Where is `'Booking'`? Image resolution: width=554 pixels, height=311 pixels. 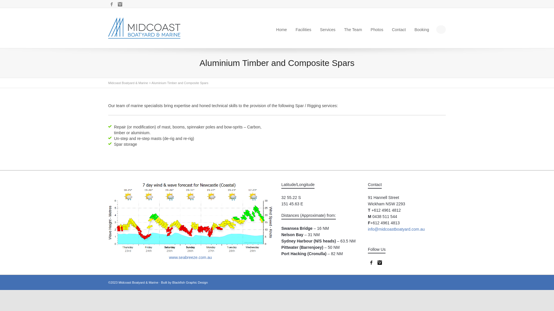 'Booking' is located at coordinates (422, 30).